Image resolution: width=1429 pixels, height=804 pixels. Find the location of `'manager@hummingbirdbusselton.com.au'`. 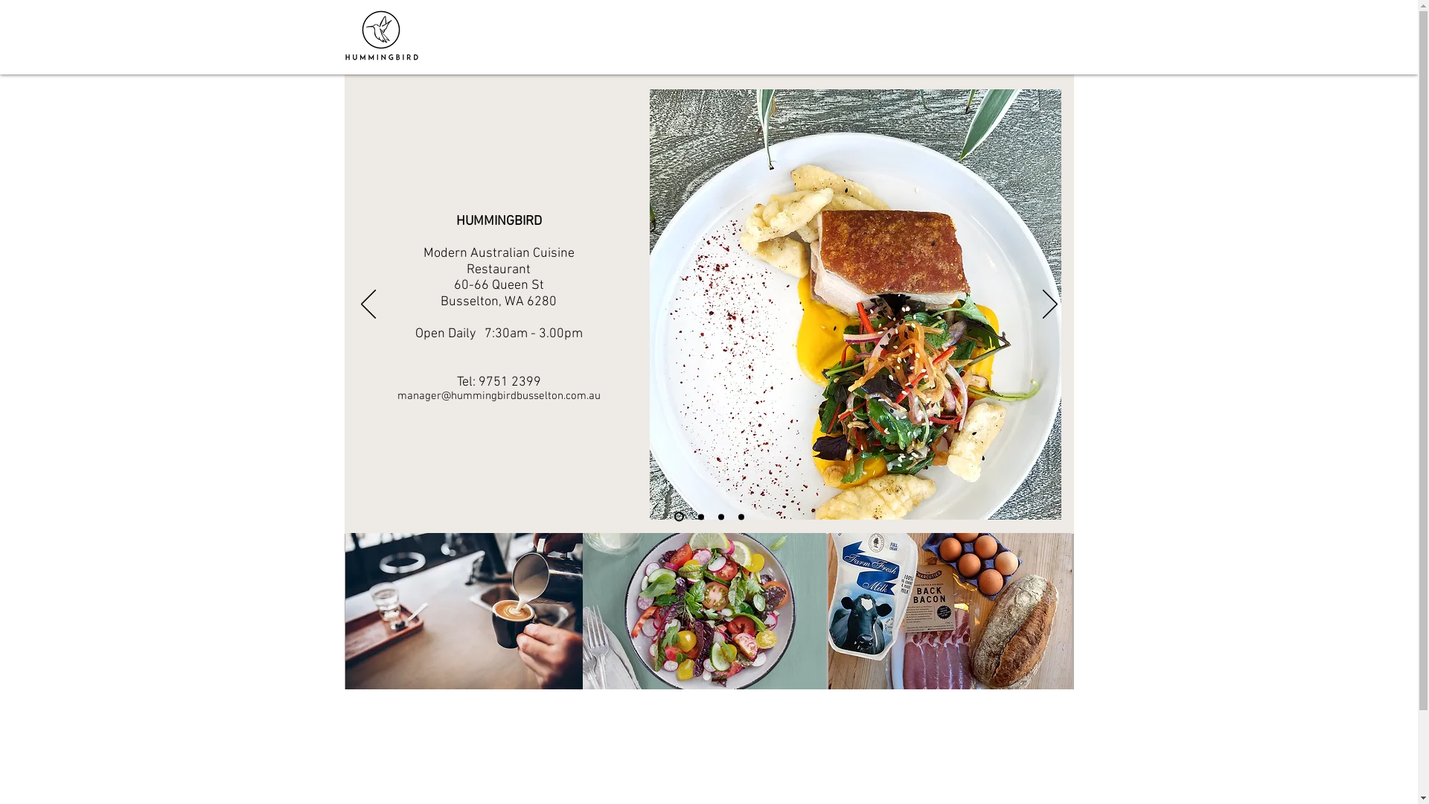

'manager@hummingbirdbusselton.com.au' is located at coordinates (499, 395).